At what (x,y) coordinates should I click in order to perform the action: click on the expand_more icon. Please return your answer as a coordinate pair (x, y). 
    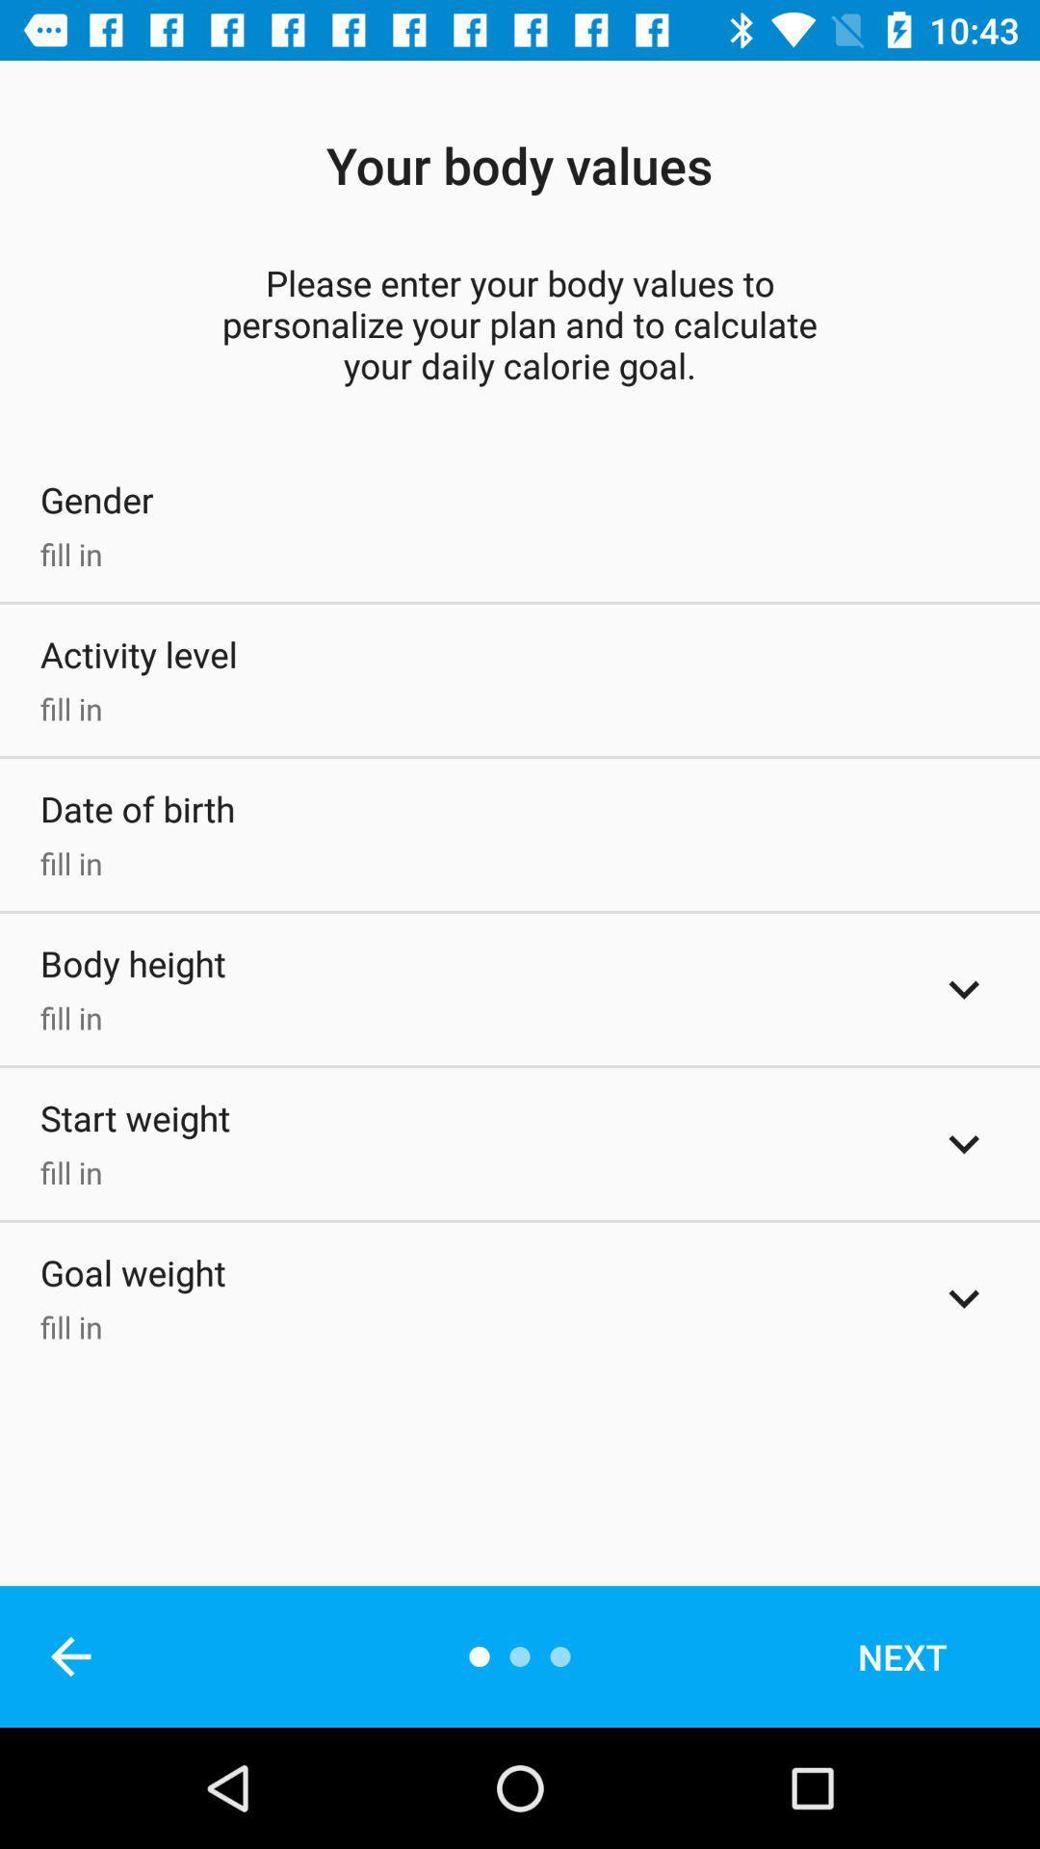
    Looking at the image, I should click on (964, 1298).